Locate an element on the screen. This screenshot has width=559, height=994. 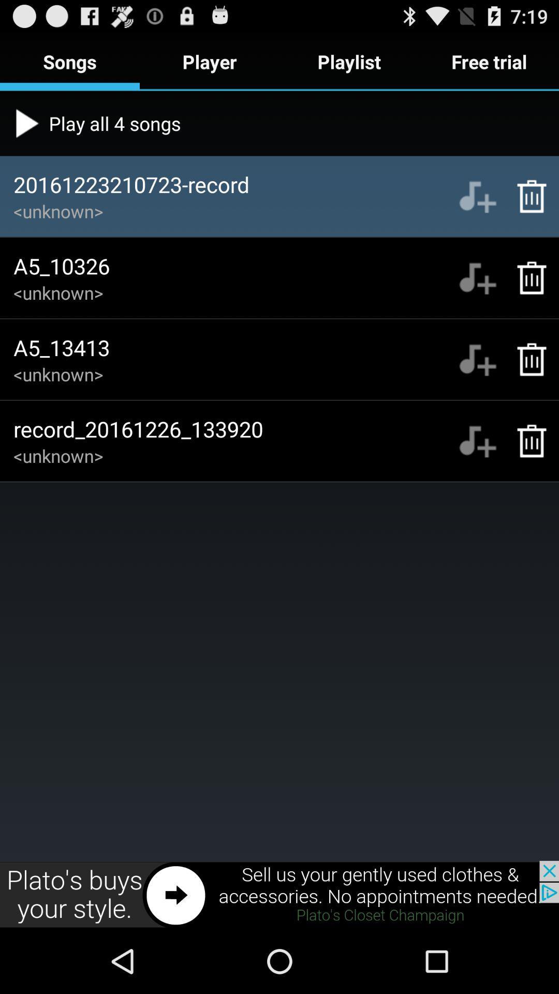
the delete option is located at coordinates (526, 441).